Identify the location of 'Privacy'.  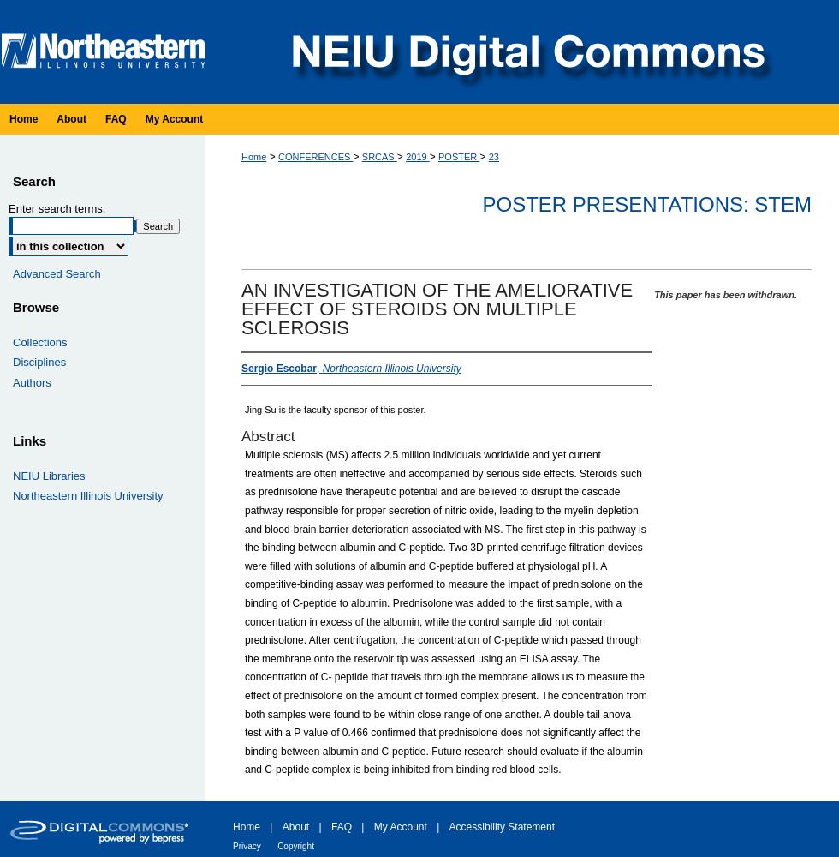
(233, 844).